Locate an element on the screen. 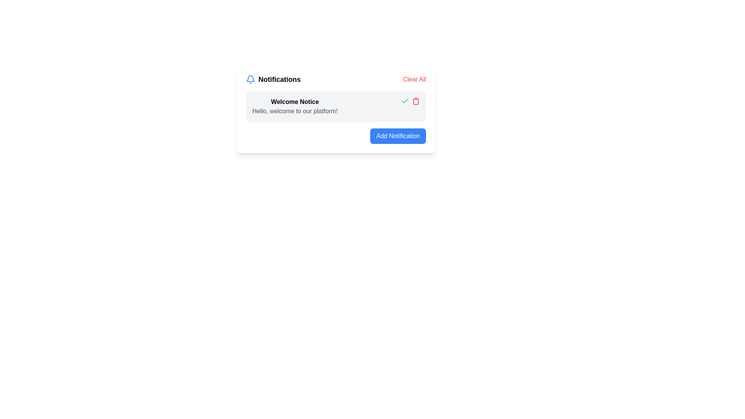  text from the 'Welcome Notice' block, which includes the title 'Welcome Notice' and the body text 'Hello, welcome to our platform!' located within the main notification card is located at coordinates (295, 106).